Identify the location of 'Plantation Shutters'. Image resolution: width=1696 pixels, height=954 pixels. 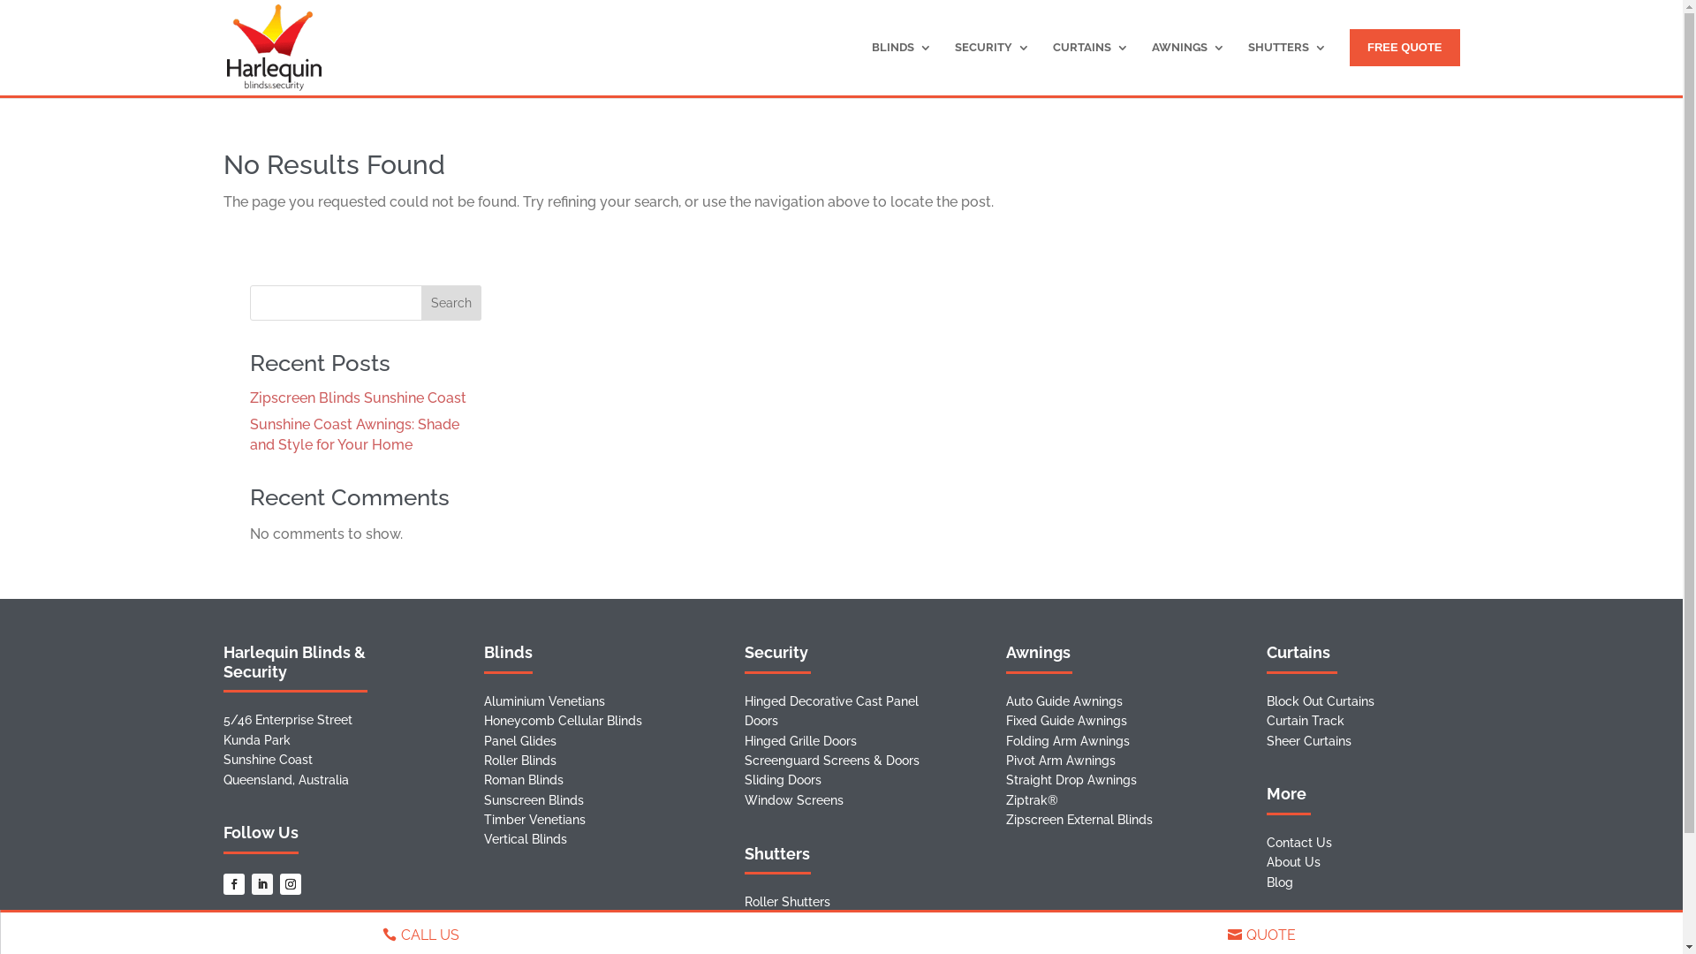
(745, 921).